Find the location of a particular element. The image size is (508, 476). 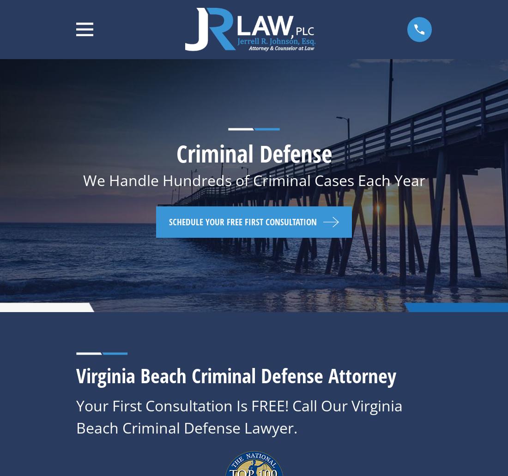

'Please enter your email address.' is located at coordinates (375, 372).